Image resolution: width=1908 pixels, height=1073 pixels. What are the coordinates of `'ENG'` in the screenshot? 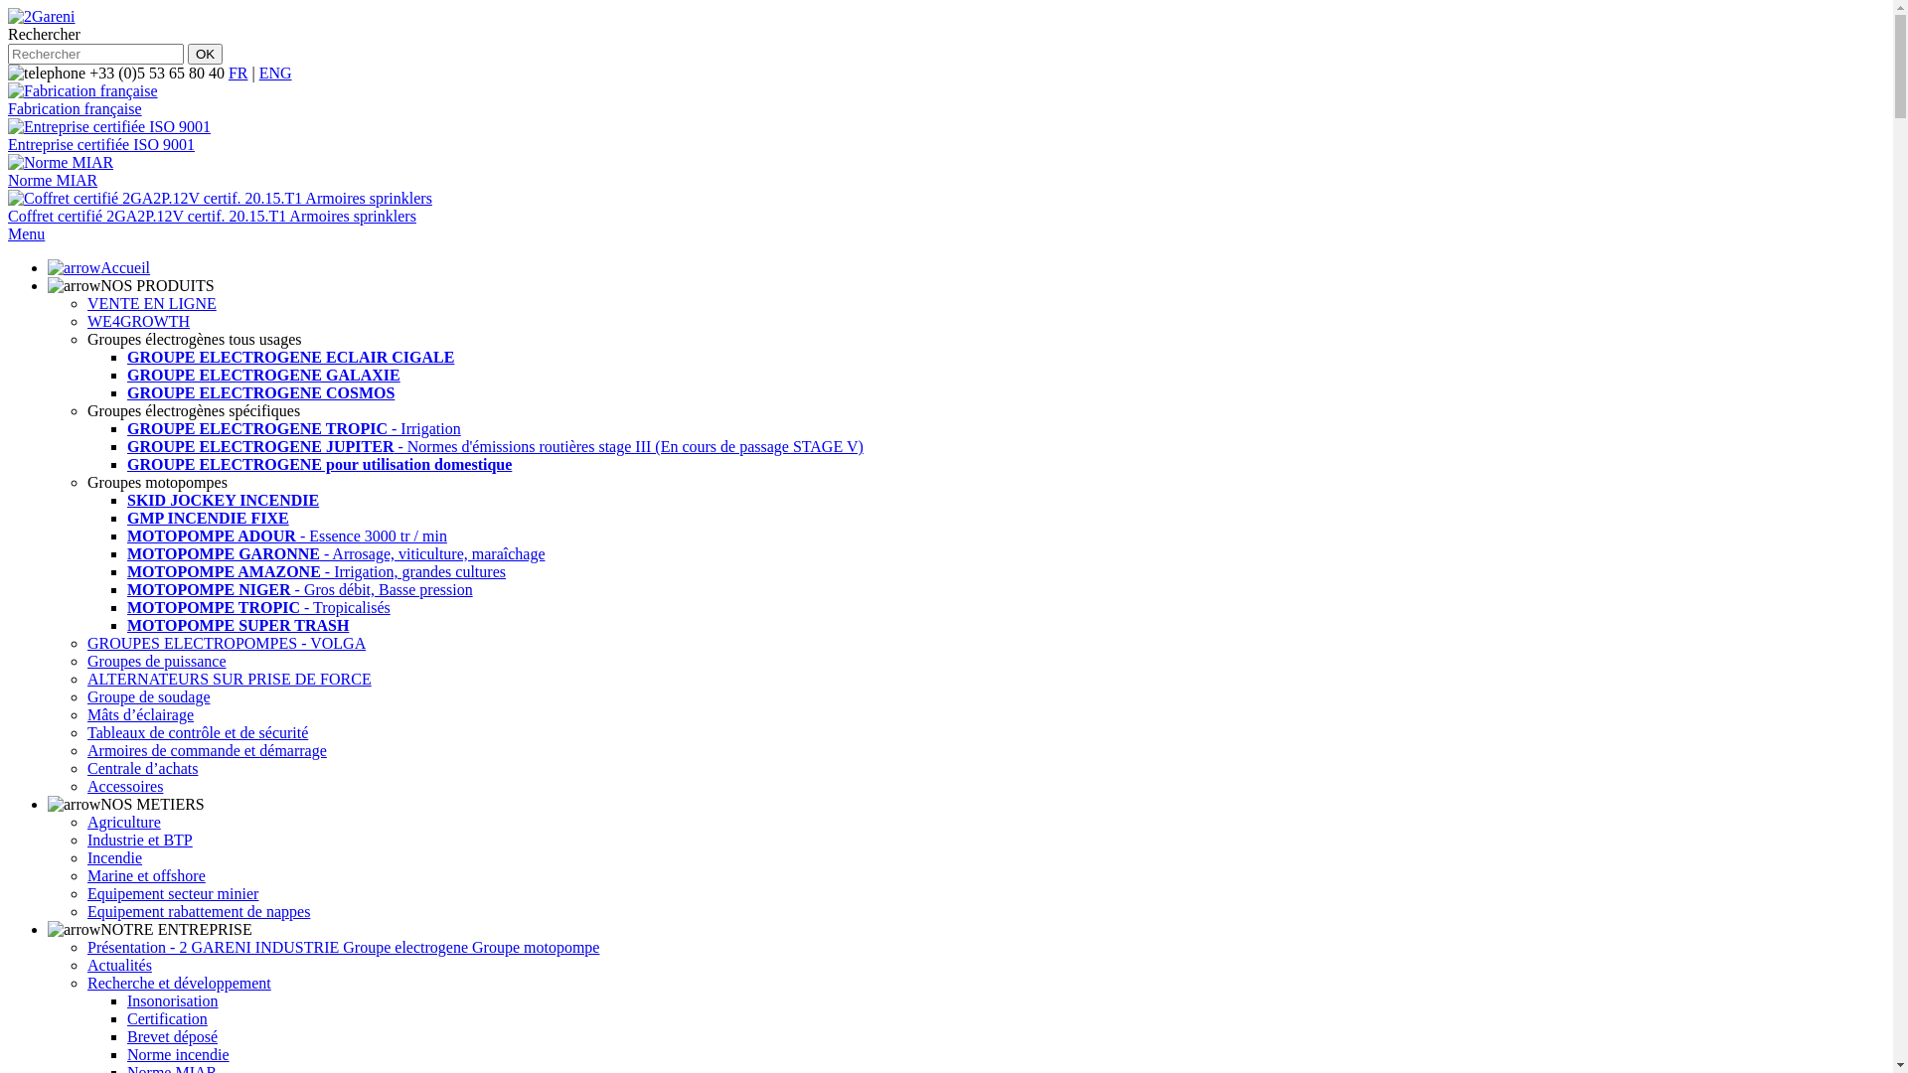 It's located at (274, 72).